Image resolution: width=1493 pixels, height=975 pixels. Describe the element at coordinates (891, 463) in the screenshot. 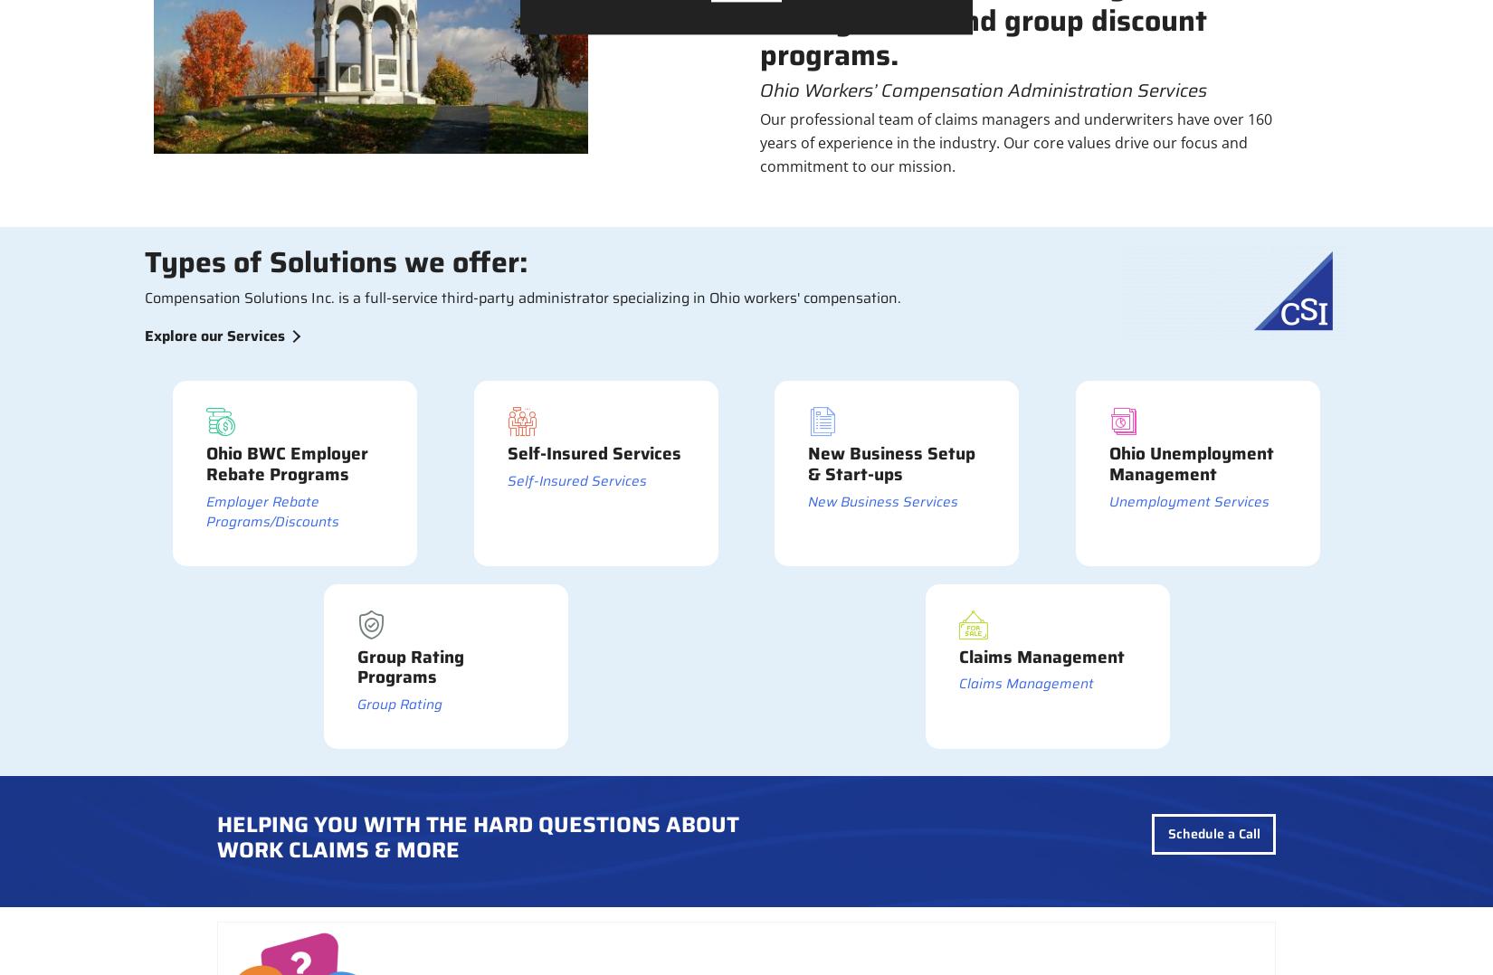

I see `'New Business Setup & Start-ups'` at that location.